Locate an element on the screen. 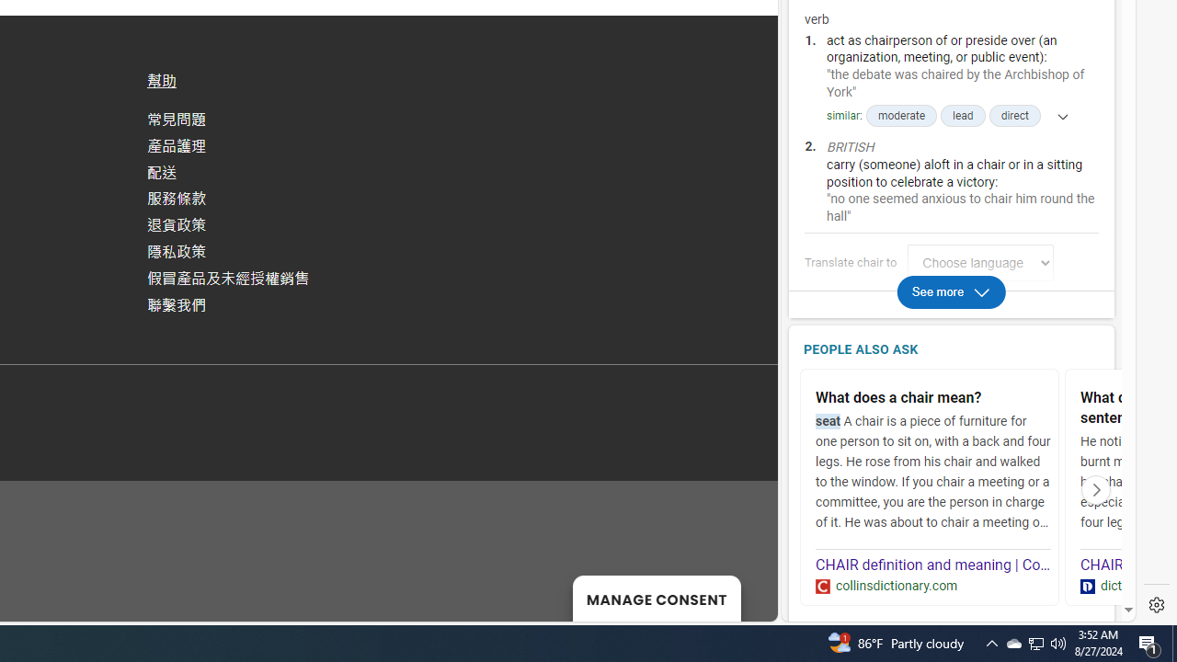 This screenshot has height=662, width=1177. 'direct' is located at coordinates (1013, 116).